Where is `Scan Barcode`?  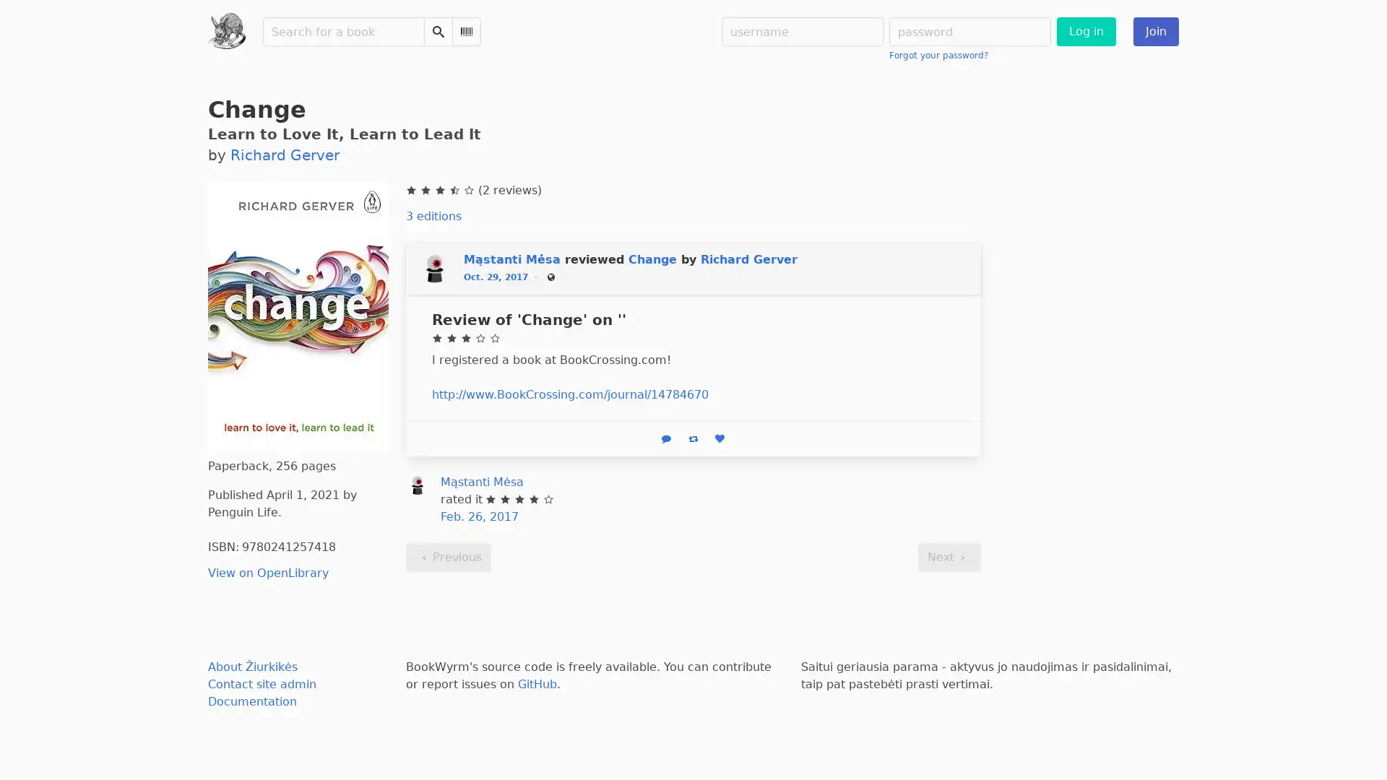
Scan Barcode is located at coordinates (465, 31).